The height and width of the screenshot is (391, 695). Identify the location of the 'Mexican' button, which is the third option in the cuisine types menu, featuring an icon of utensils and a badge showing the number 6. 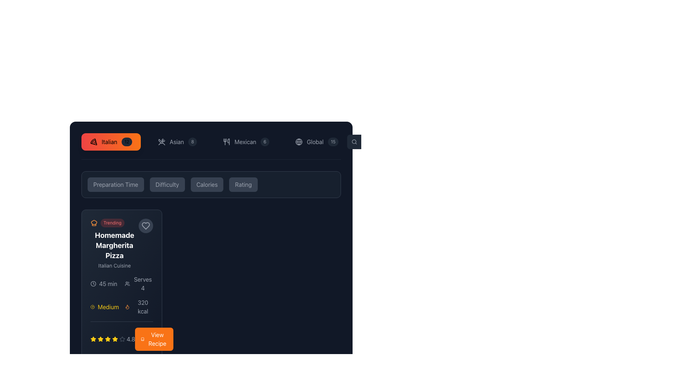
(246, 142).